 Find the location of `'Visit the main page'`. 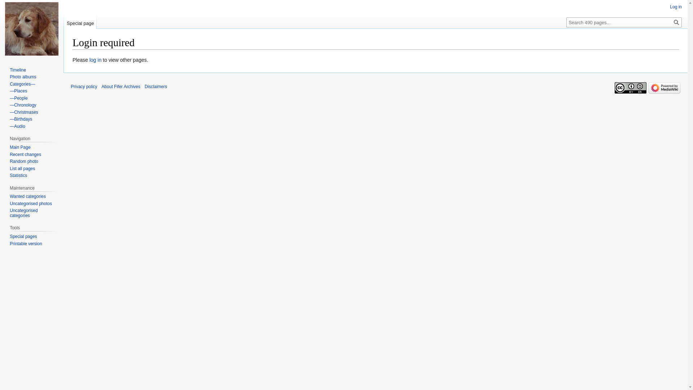

'Visit the main page' is located at coordinates (31, 29).